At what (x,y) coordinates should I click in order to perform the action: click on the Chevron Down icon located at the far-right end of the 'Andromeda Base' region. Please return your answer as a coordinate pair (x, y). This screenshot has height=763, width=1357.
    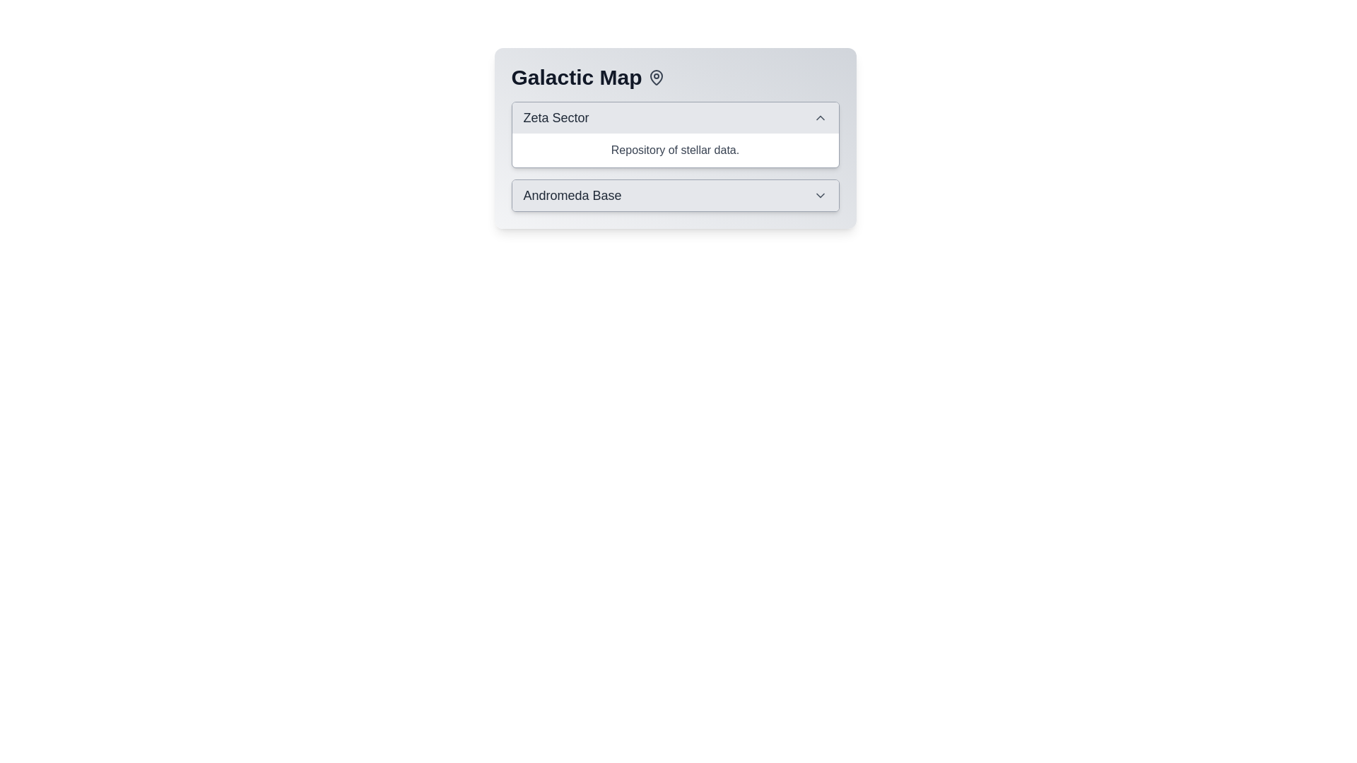
    Looking at the image, I should click on (820, 196).